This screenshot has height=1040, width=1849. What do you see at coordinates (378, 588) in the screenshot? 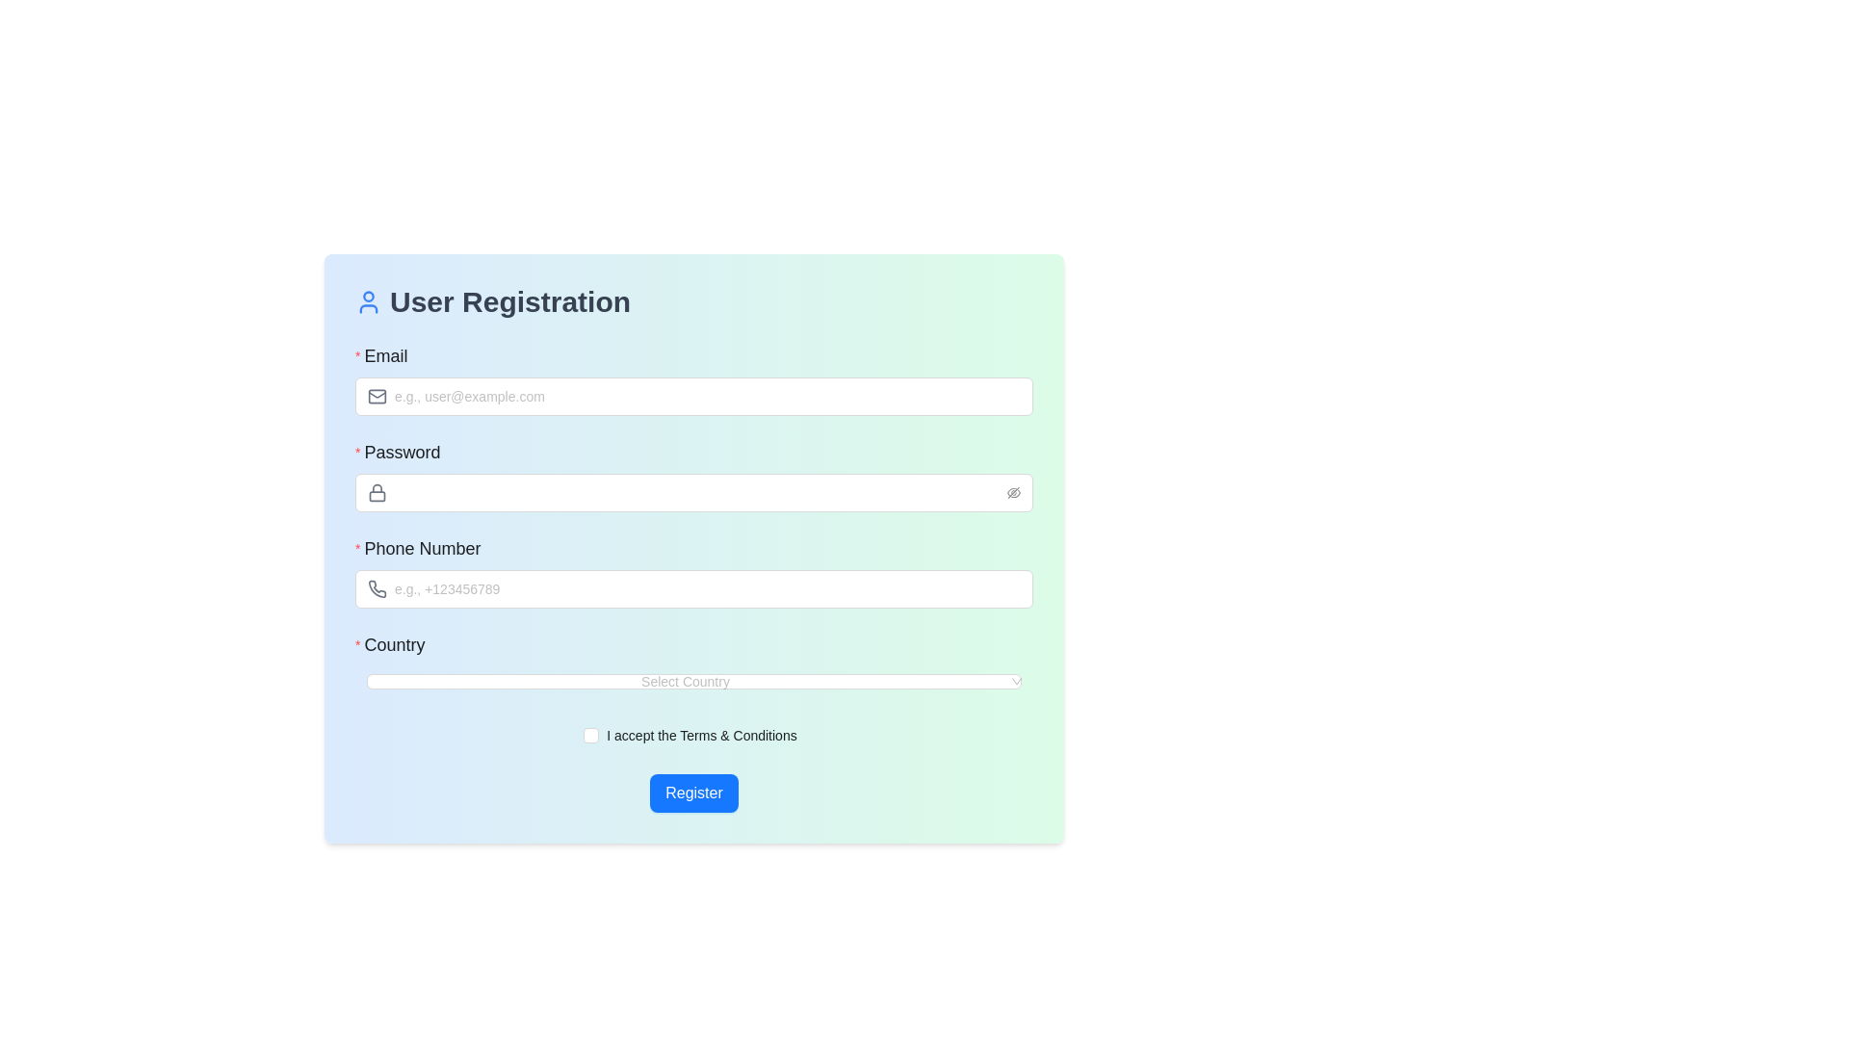
I see `the phone icon, which is a gray, line-drawn handset located to the left of the 'Phone Number' input field` at bounding box center [378, 588].